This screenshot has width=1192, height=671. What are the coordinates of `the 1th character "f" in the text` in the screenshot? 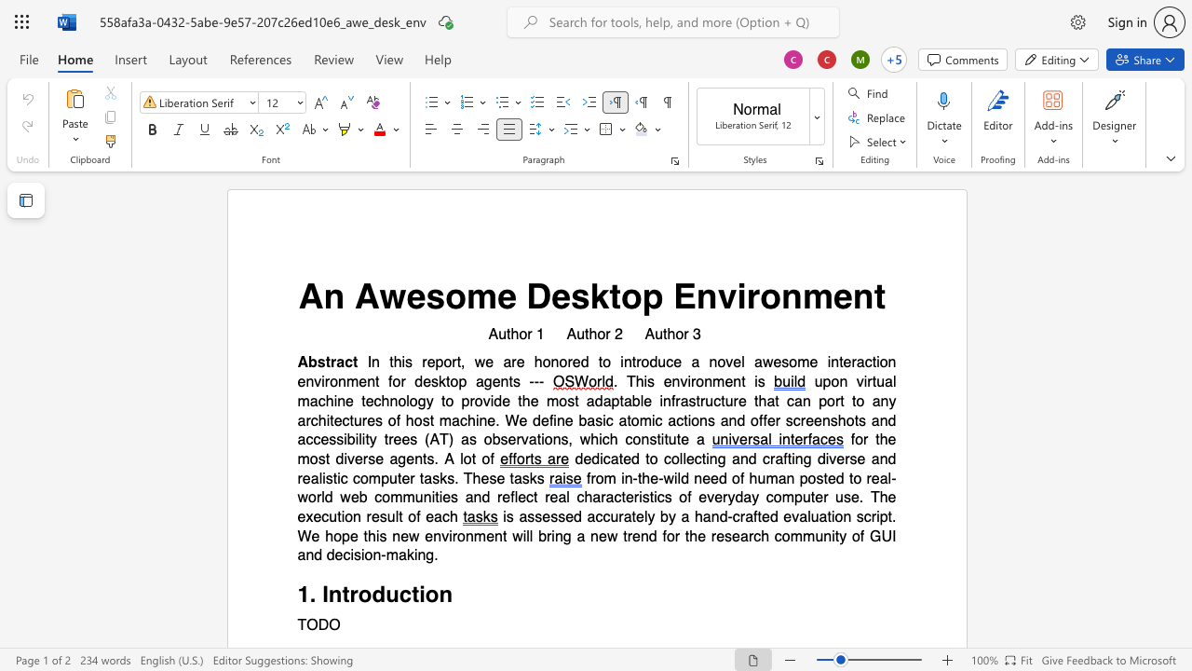 It's located at (664, 536).